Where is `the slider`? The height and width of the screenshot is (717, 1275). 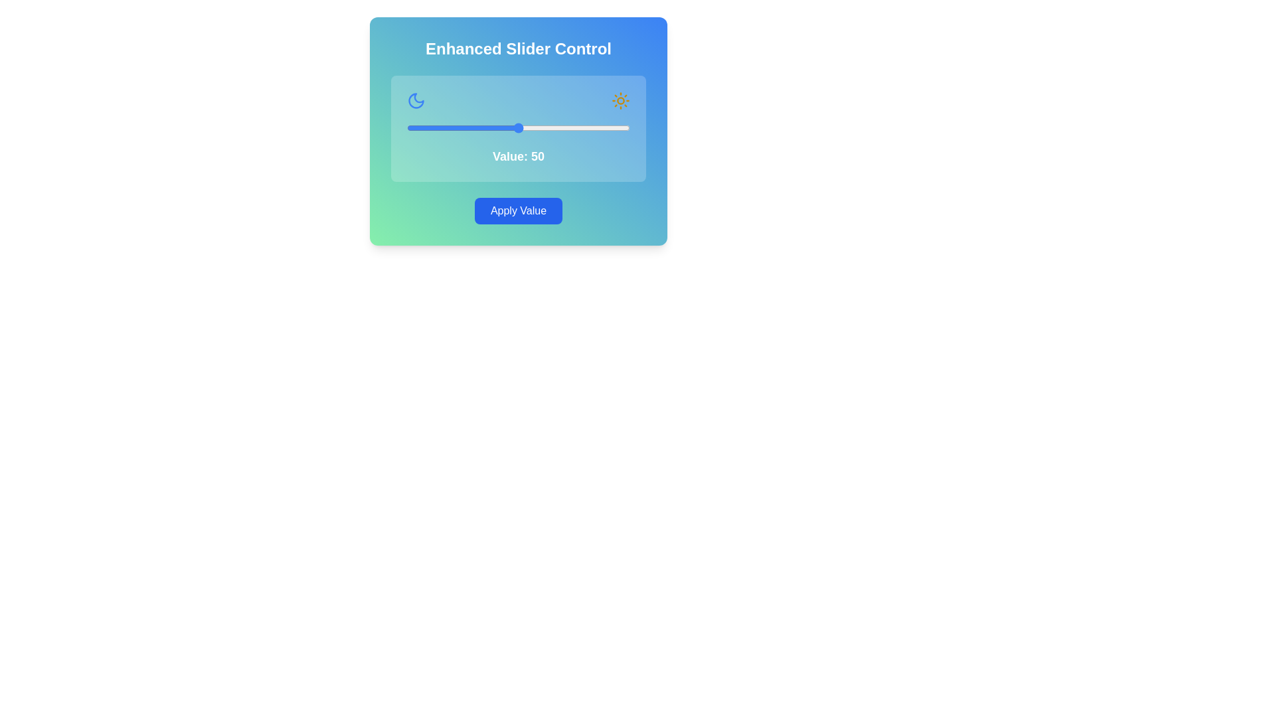 the slider is located at coordinates (607, 127).